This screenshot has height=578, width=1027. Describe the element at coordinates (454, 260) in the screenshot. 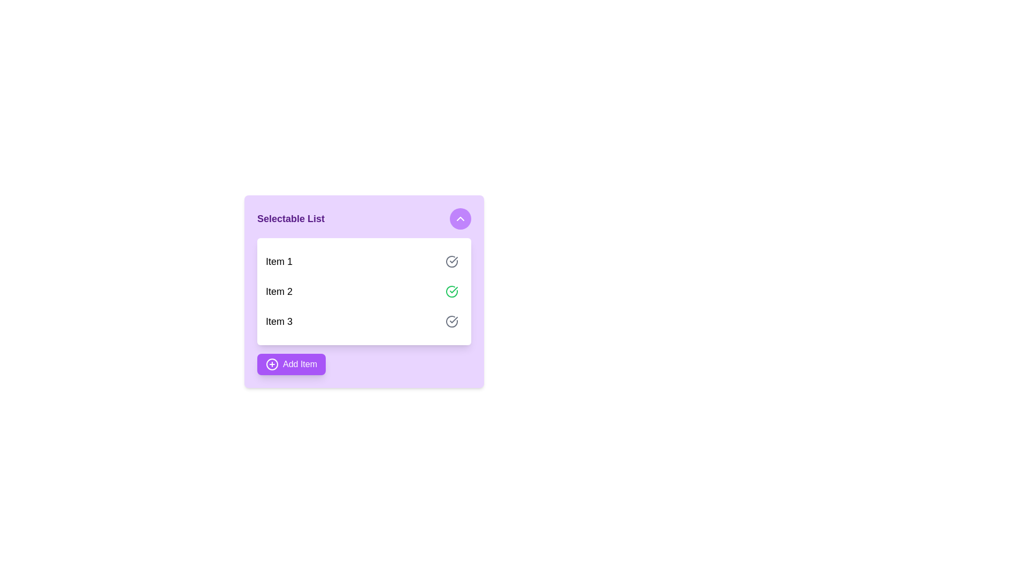

I see `the status indicated by the checkmark icon representing 'Item 2' in the selectable list` at that location.